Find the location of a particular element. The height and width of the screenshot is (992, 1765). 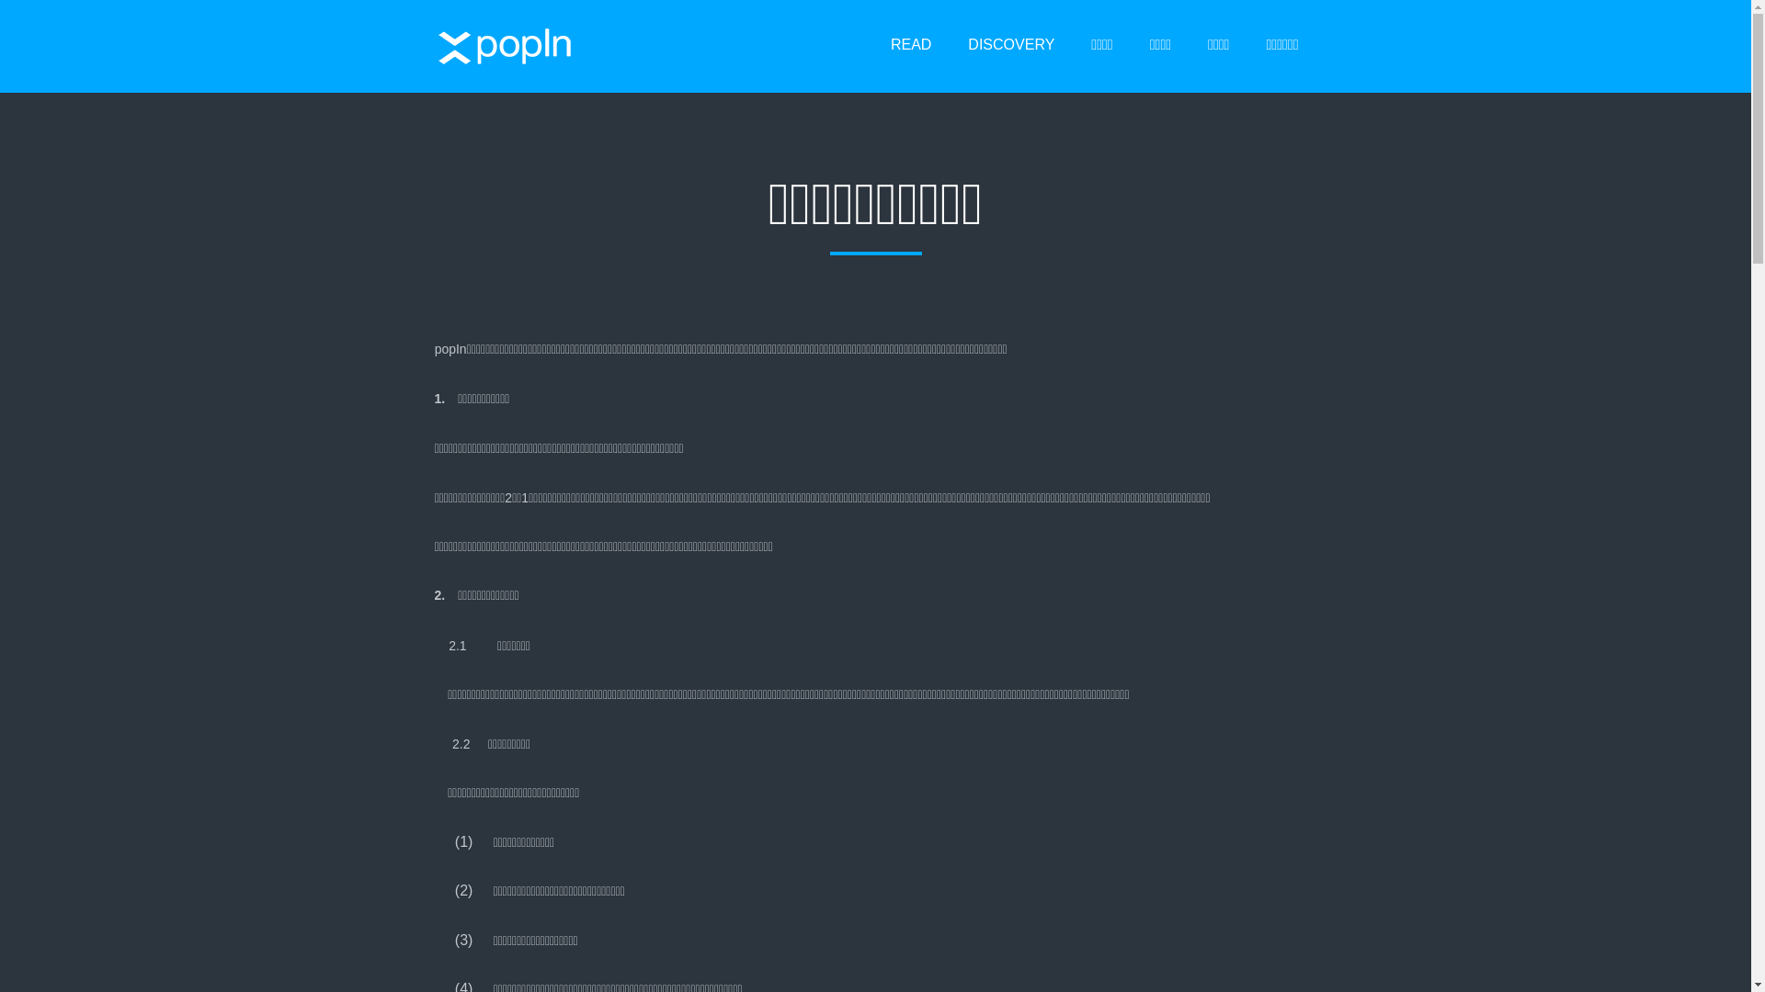

'READ' is located at coordinates (910, 45).